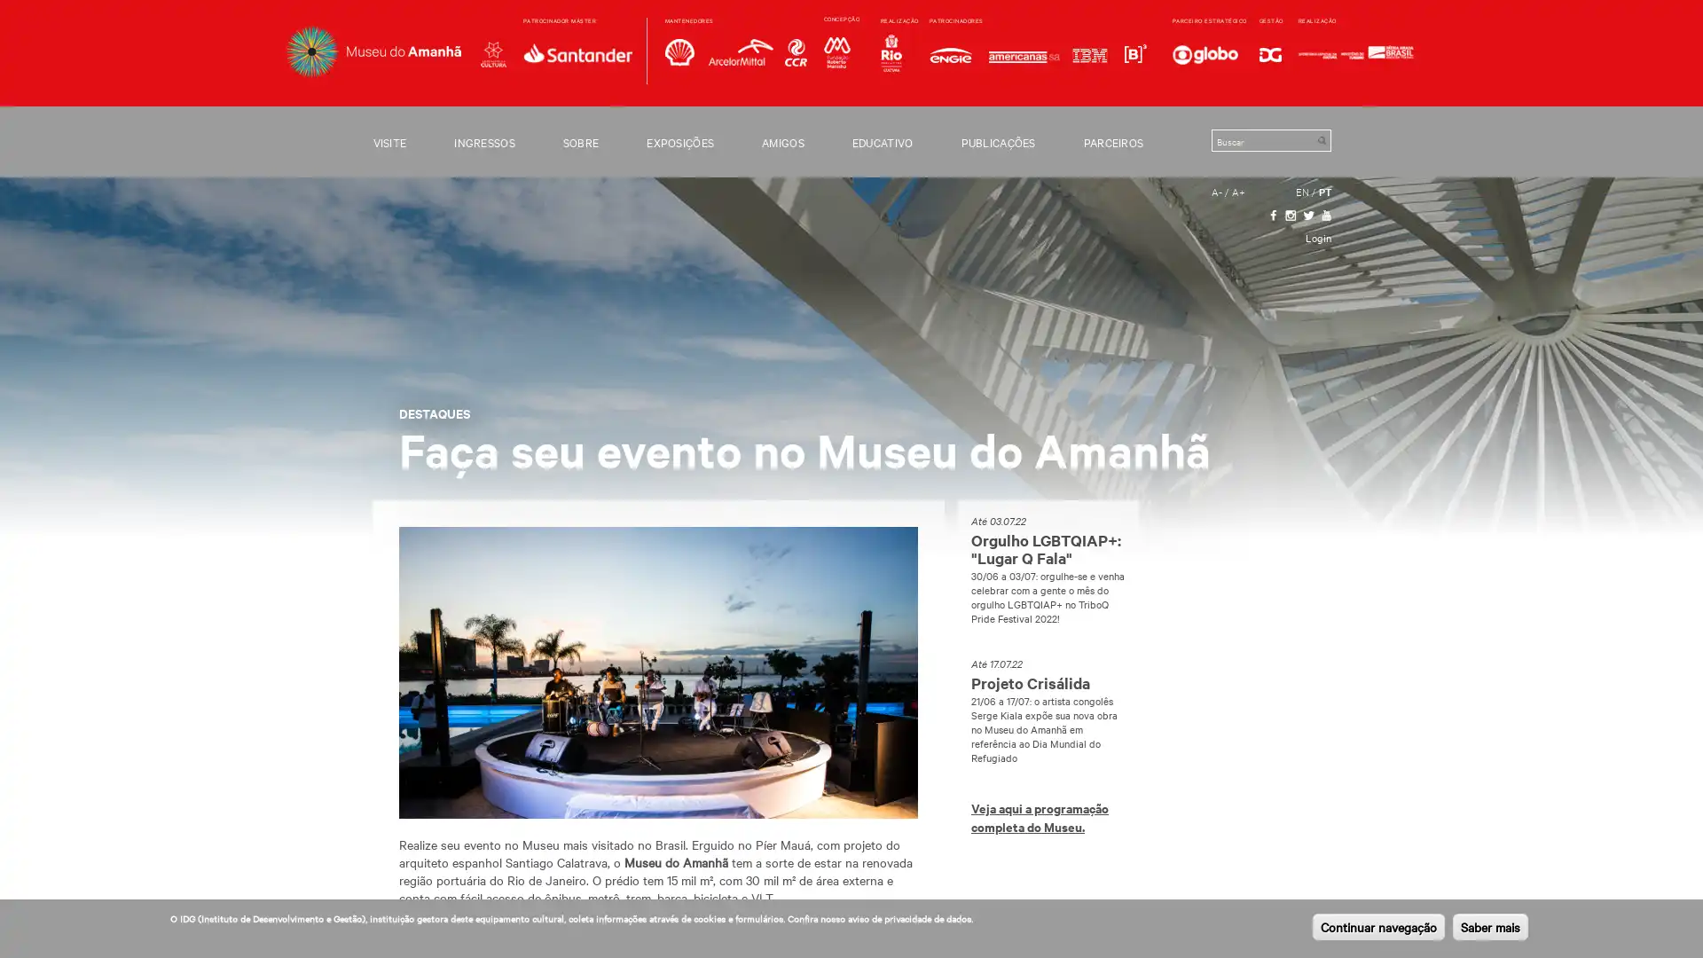  I want to click on Continuar navegacao, so click(1377, 926).